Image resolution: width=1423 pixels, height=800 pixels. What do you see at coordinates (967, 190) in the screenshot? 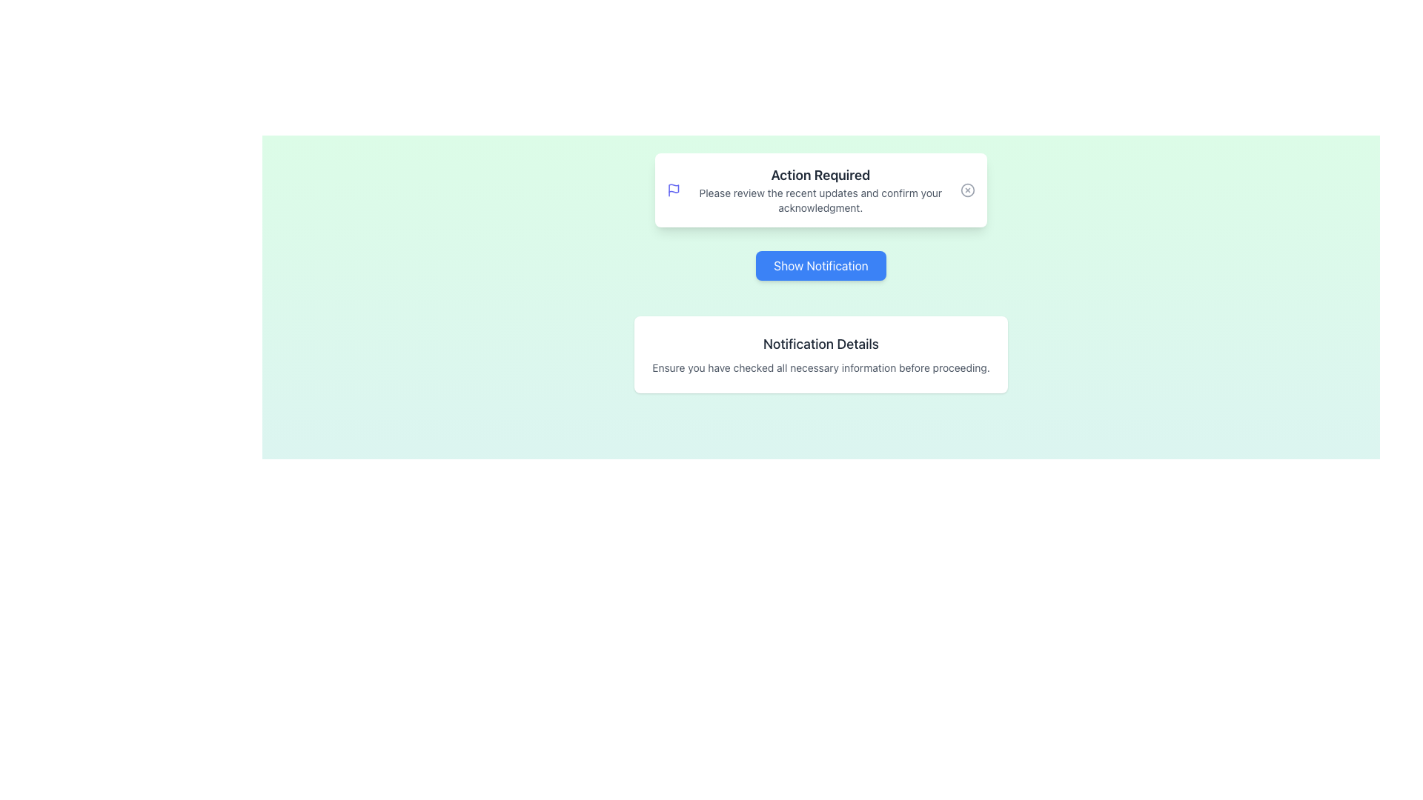
I see `the dismissal button located at the top right corner of the card containing the 'Action Required' header` at bounding box center [967, 190].